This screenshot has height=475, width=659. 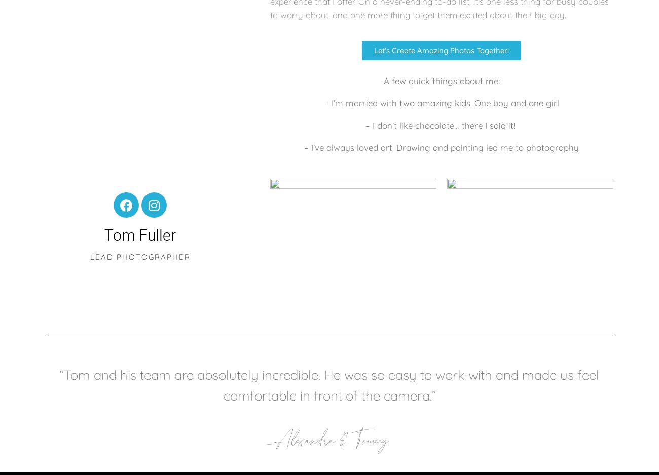 I want to click on '– I don’t like chocolate… there I said it!', so click(x=441, y=125).